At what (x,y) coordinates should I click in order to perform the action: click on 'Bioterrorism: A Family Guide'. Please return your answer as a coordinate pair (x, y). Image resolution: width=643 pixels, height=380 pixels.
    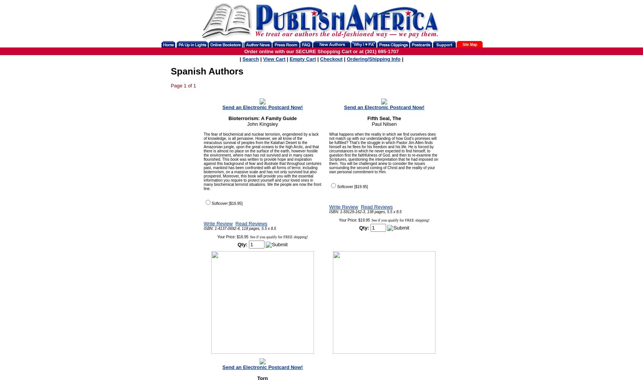
    Looking at the image, I should click on (262, 118).